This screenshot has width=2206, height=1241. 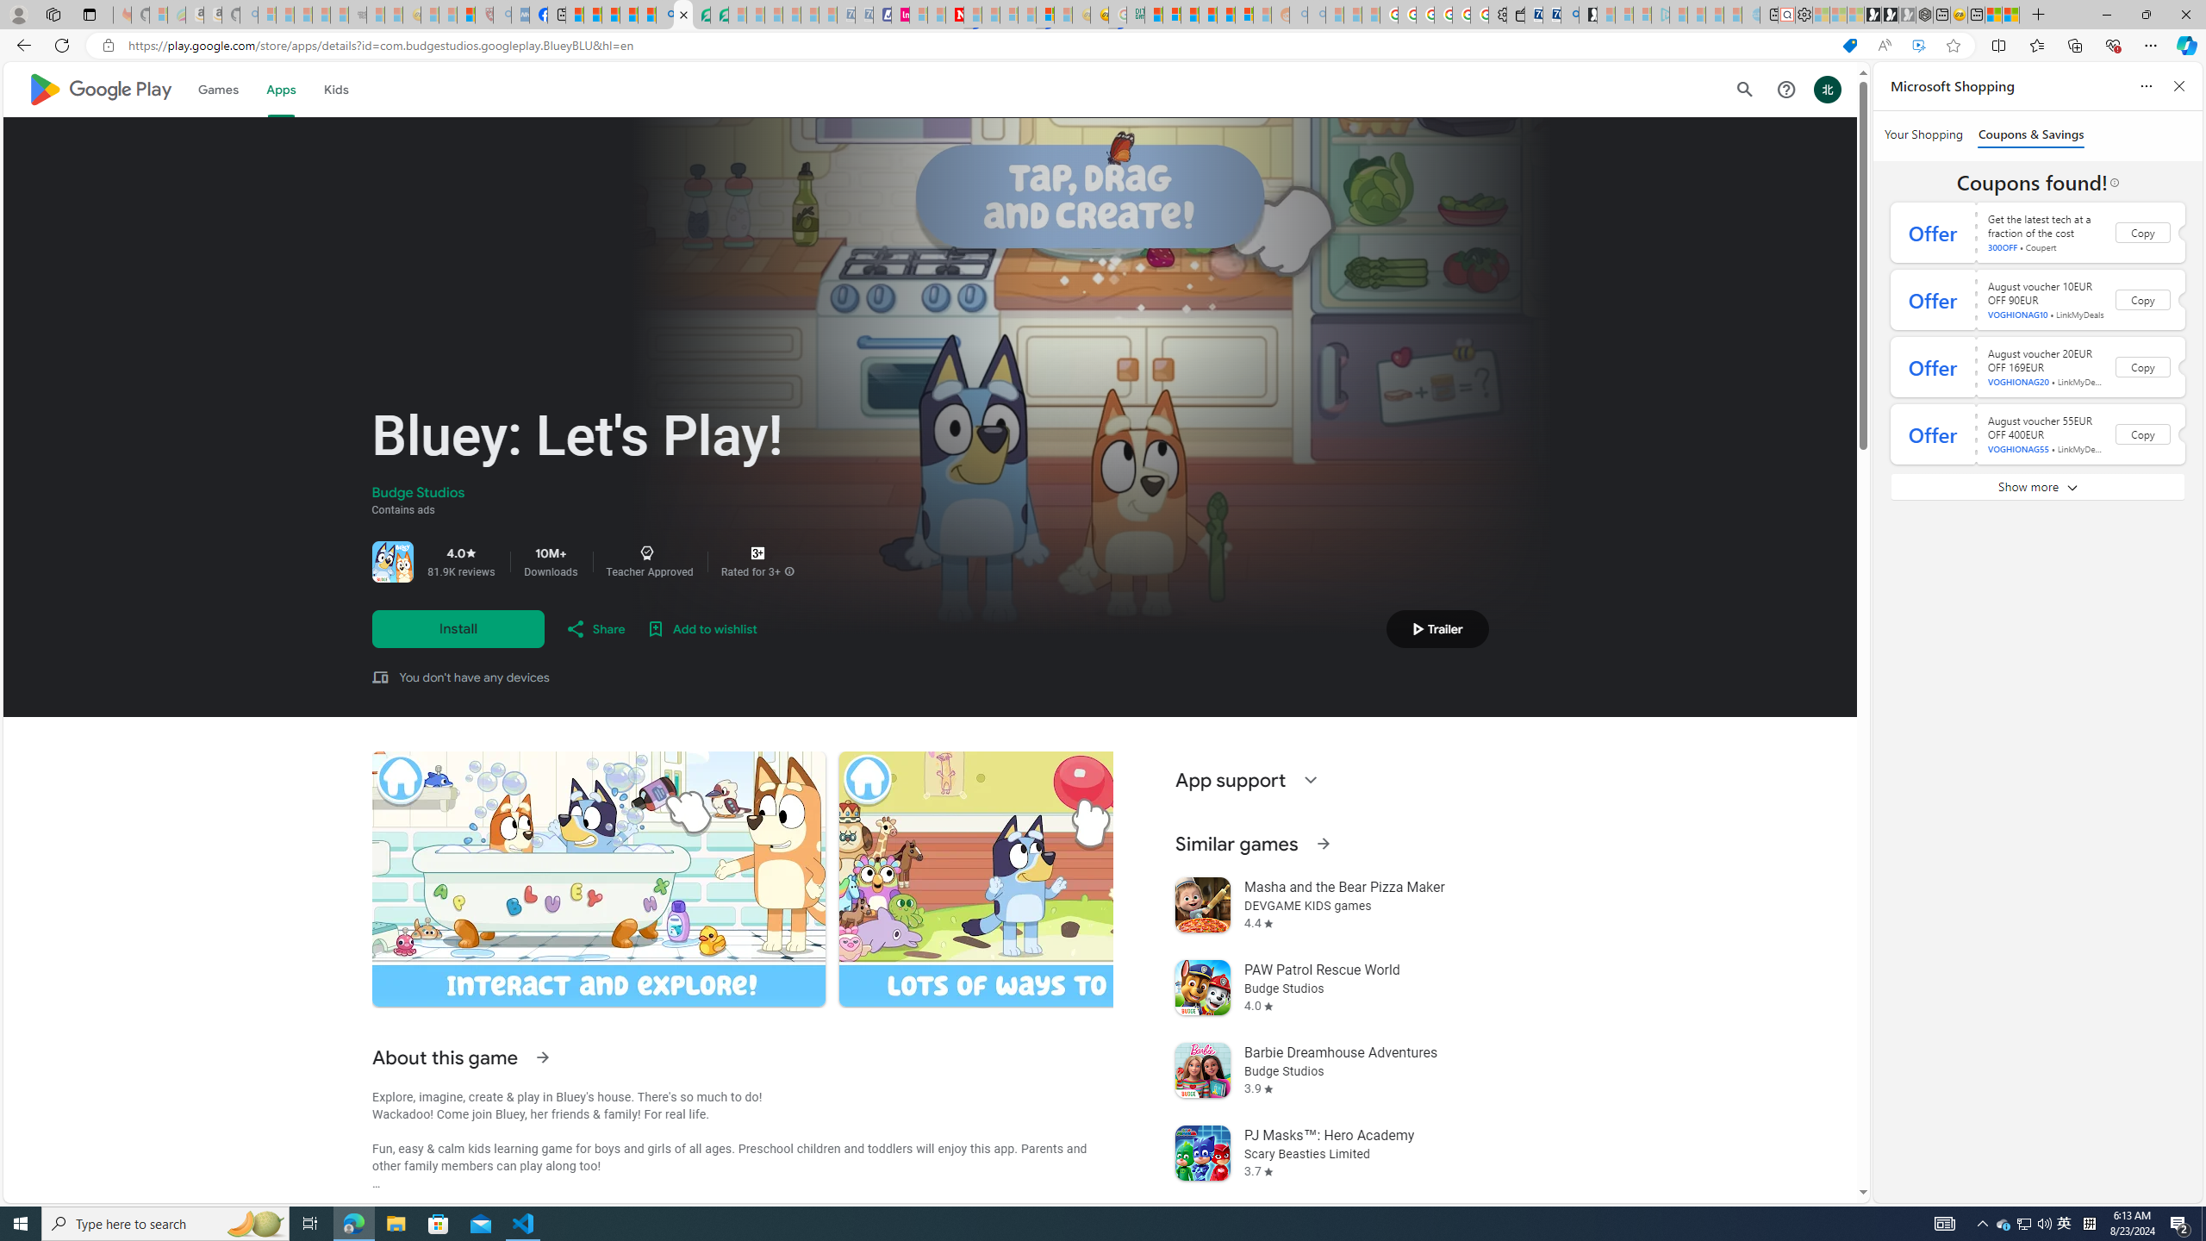 What do you see at coordinates (281, 89) in the screenshot?
I see `'Apps'` at bounding box center [281, 89].